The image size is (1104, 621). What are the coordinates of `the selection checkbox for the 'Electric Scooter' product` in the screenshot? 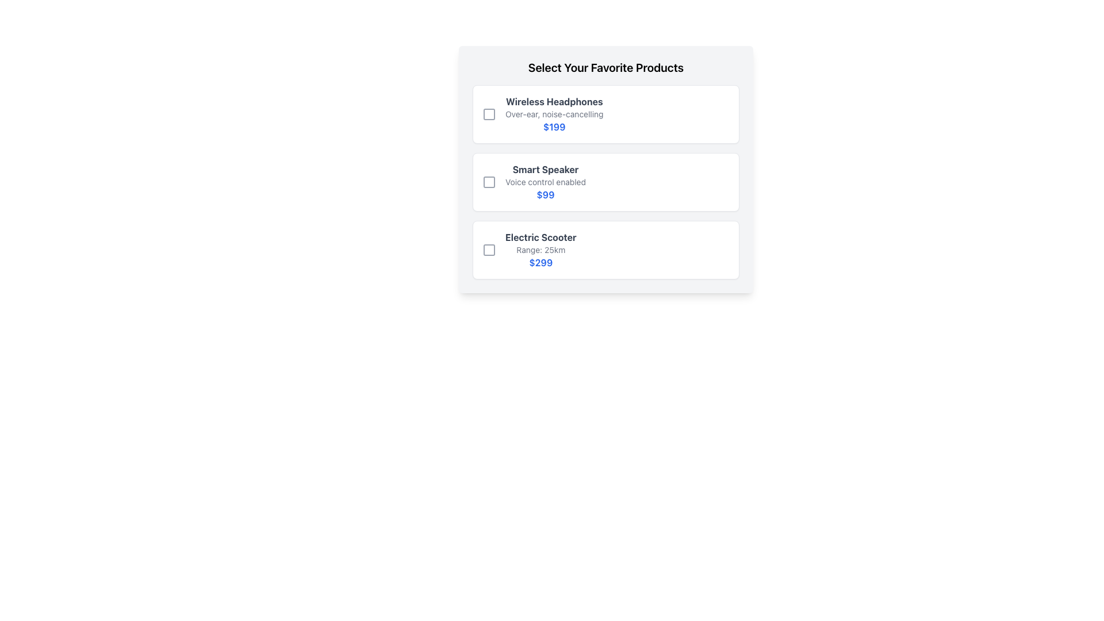 It's located at (489, 250).